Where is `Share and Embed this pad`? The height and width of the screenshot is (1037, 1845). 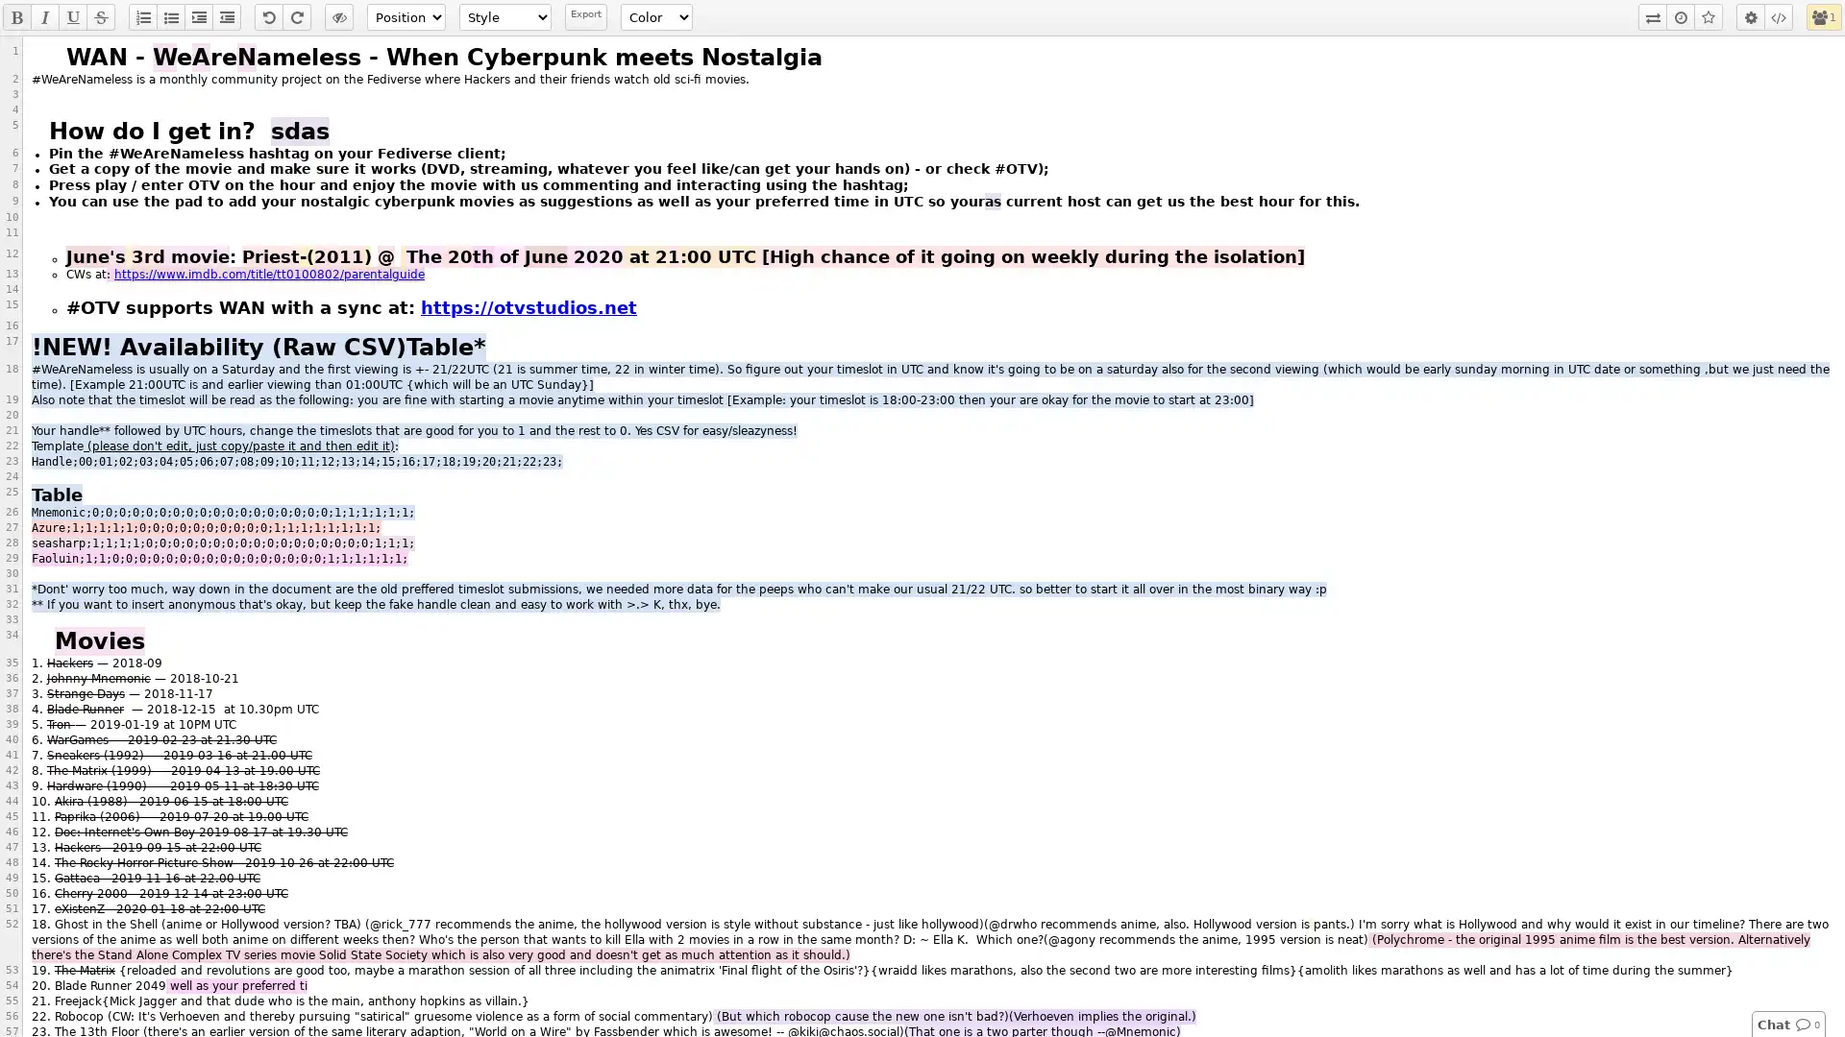 Share and Embed this pad is located at coordinates (1778, 17).